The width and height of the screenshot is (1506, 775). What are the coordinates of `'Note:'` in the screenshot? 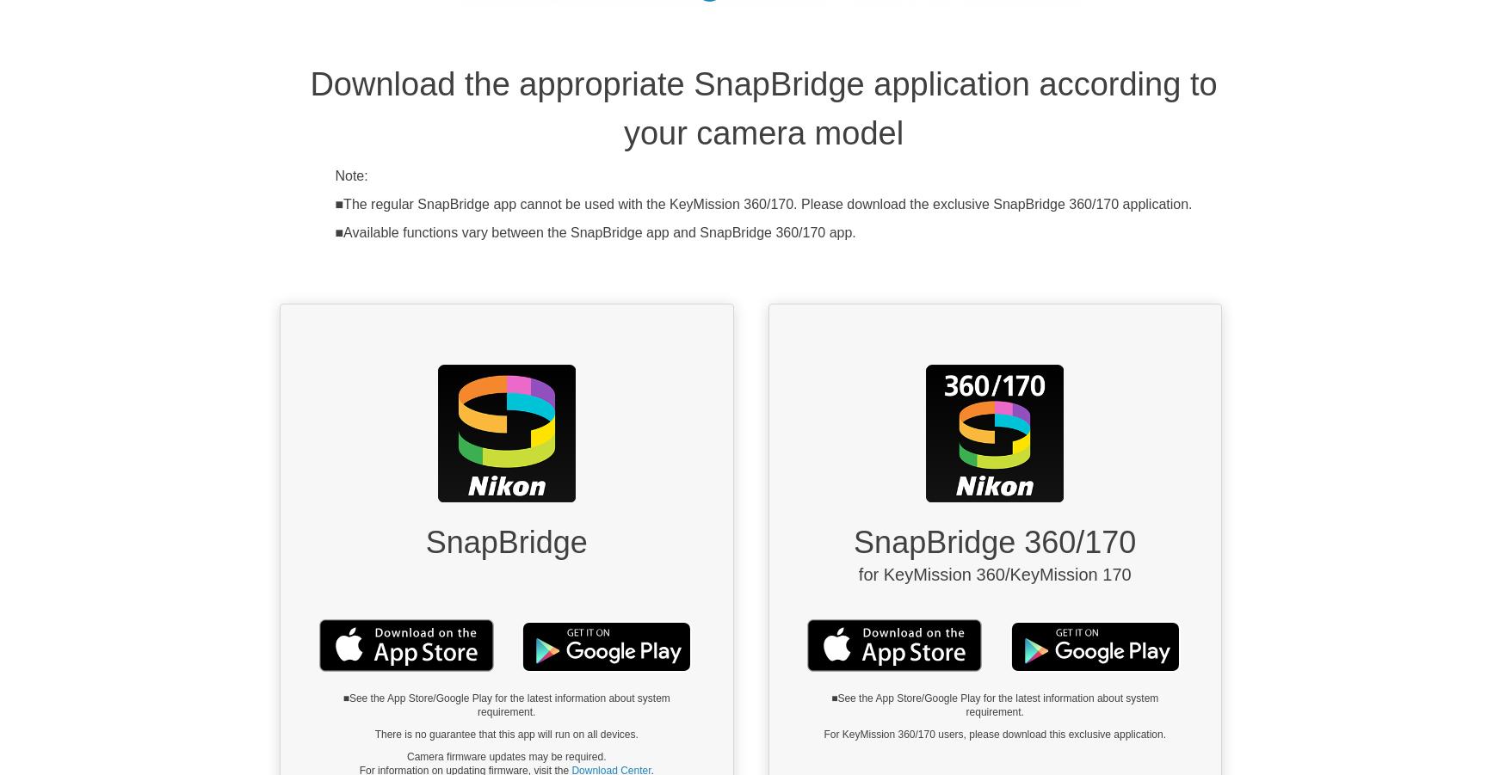 It's located at (334, 176).